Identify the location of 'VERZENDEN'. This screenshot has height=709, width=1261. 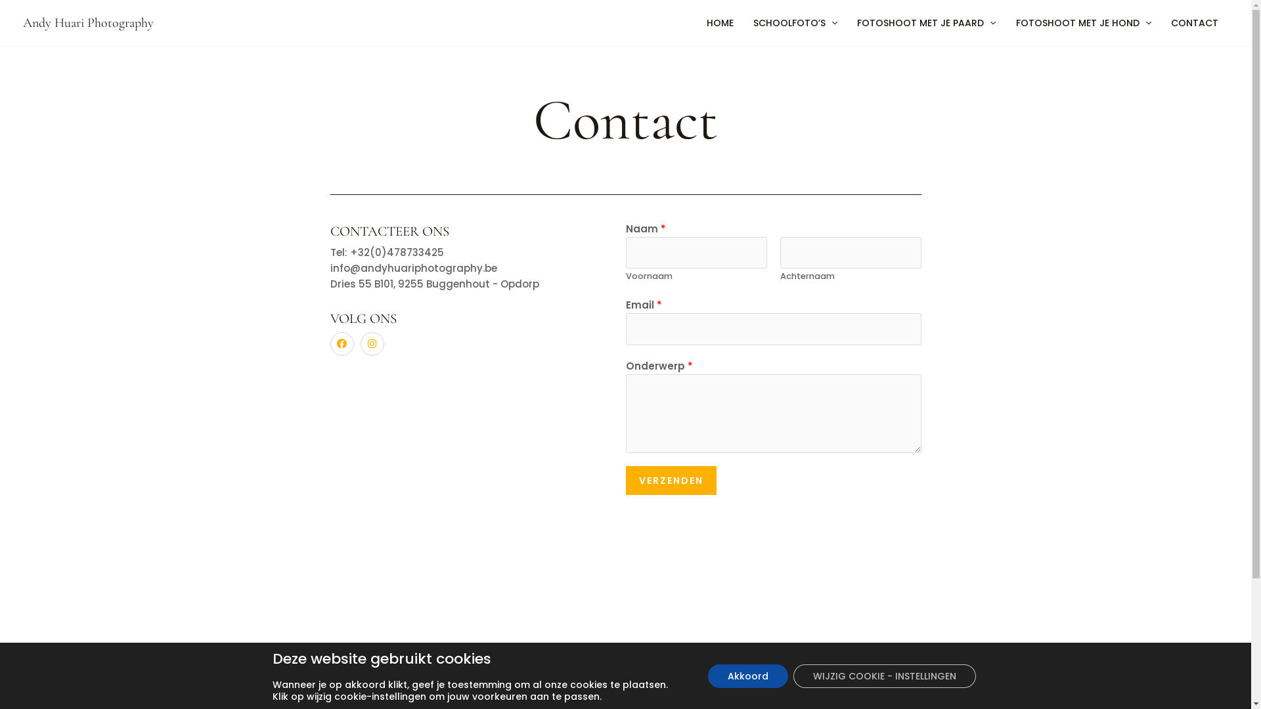
(671, 481).